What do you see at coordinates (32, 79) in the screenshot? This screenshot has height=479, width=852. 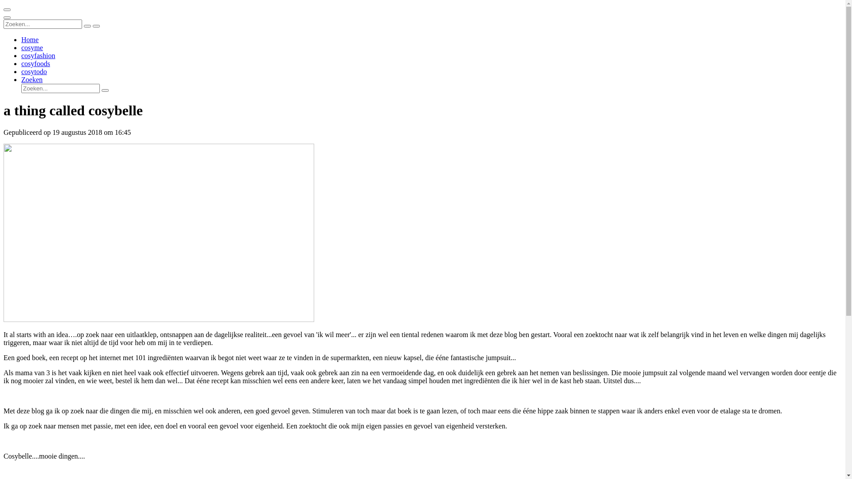 I see `'Zoeken'` at bounding box center [32, 79].